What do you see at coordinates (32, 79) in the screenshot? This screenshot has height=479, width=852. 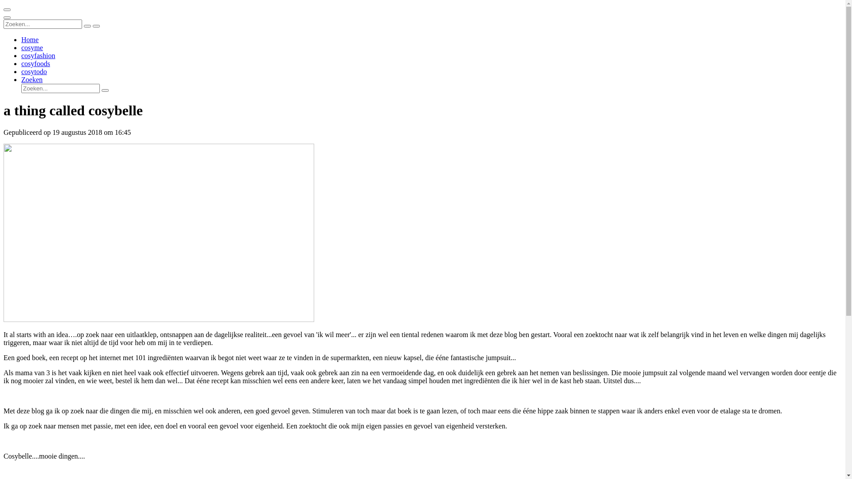 I see `'Zoeken'` at bounding box center [32, 79].